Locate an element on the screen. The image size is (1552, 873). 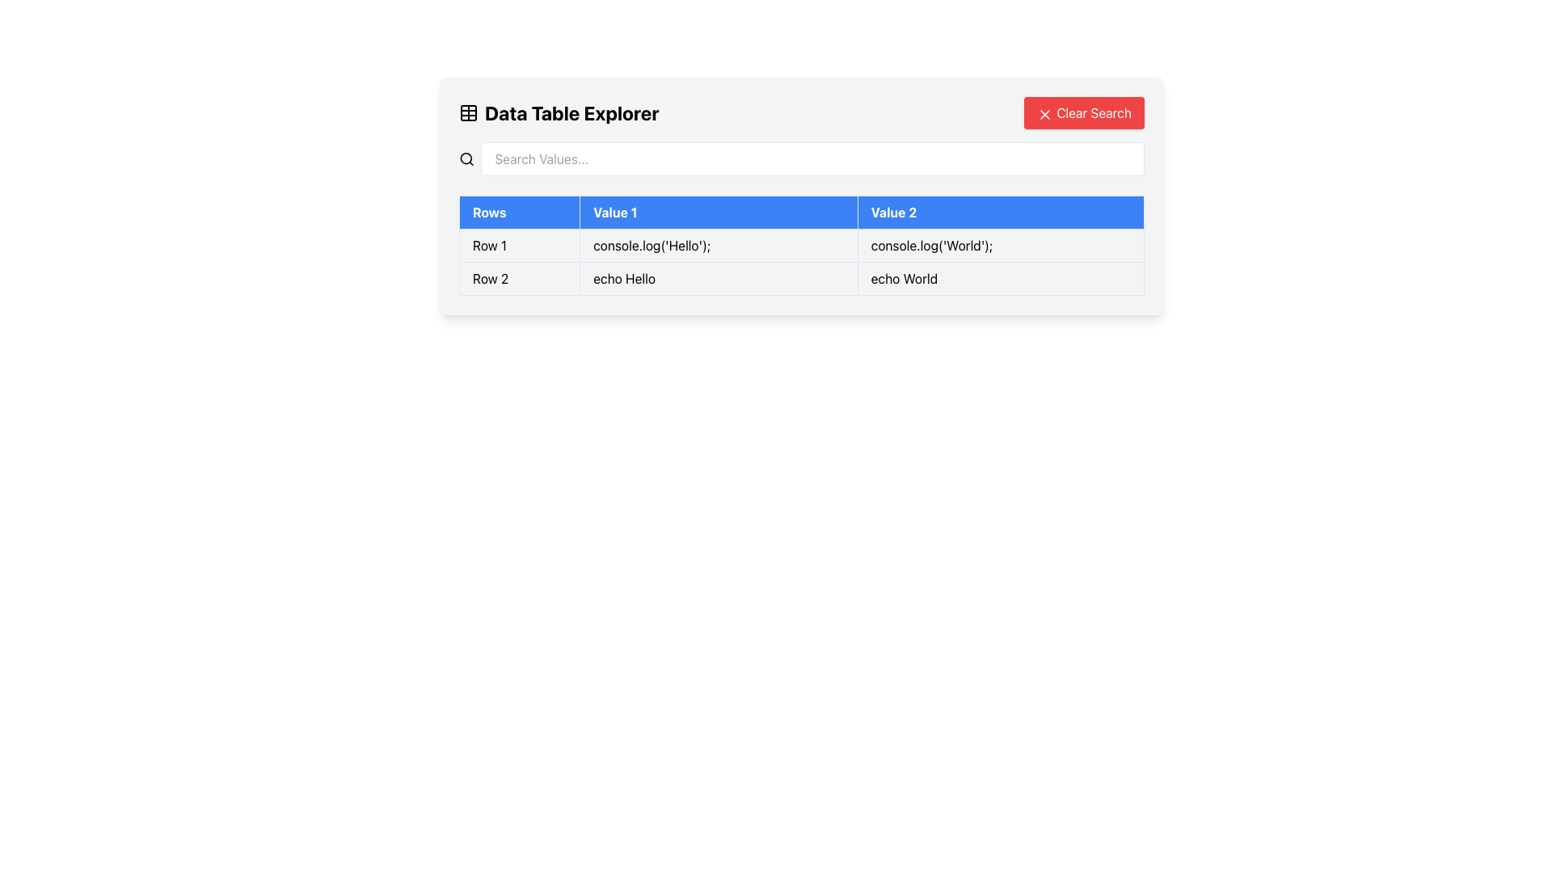
inside the second and third cells of the table row that displays command examples or output logs, located at the center of the page is located at coordinates (802, 261).